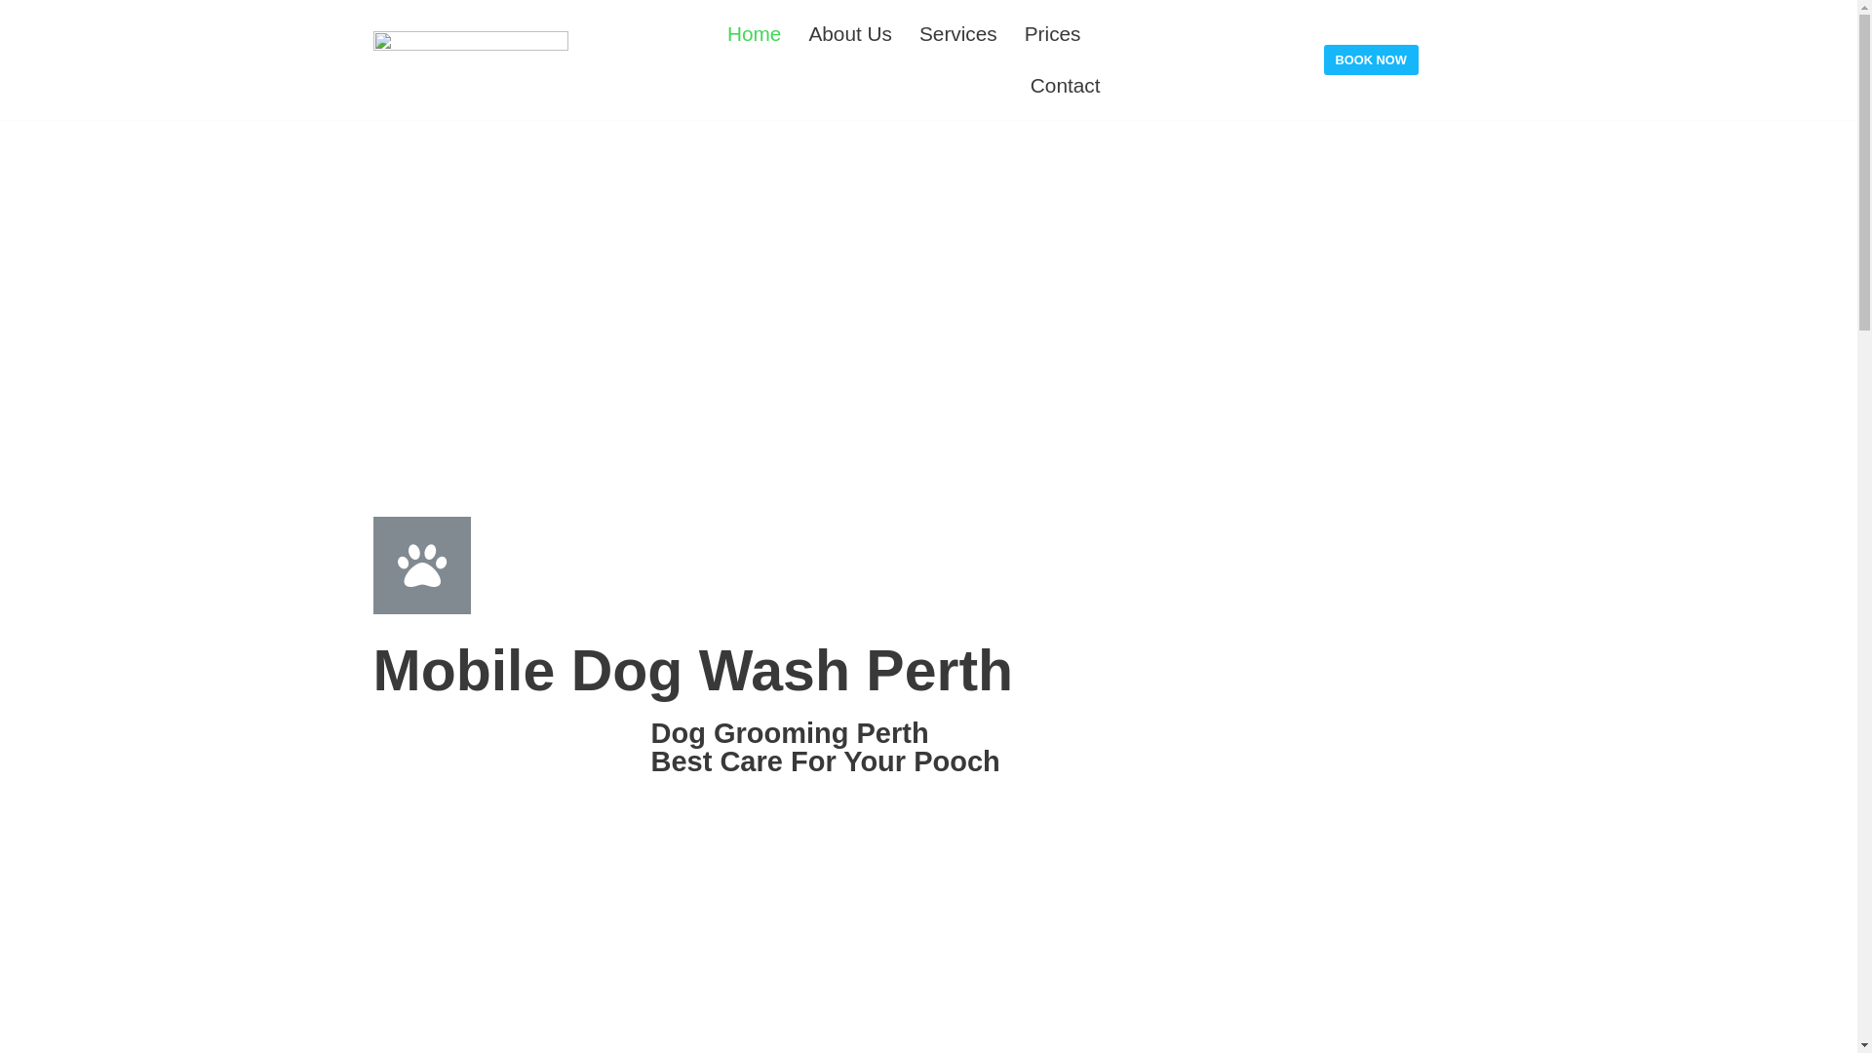 This screenshot has width=1872, height=1053. Describe the element at coordinates (808, 33) in the screenshot. I see `'About Us'` at that location.